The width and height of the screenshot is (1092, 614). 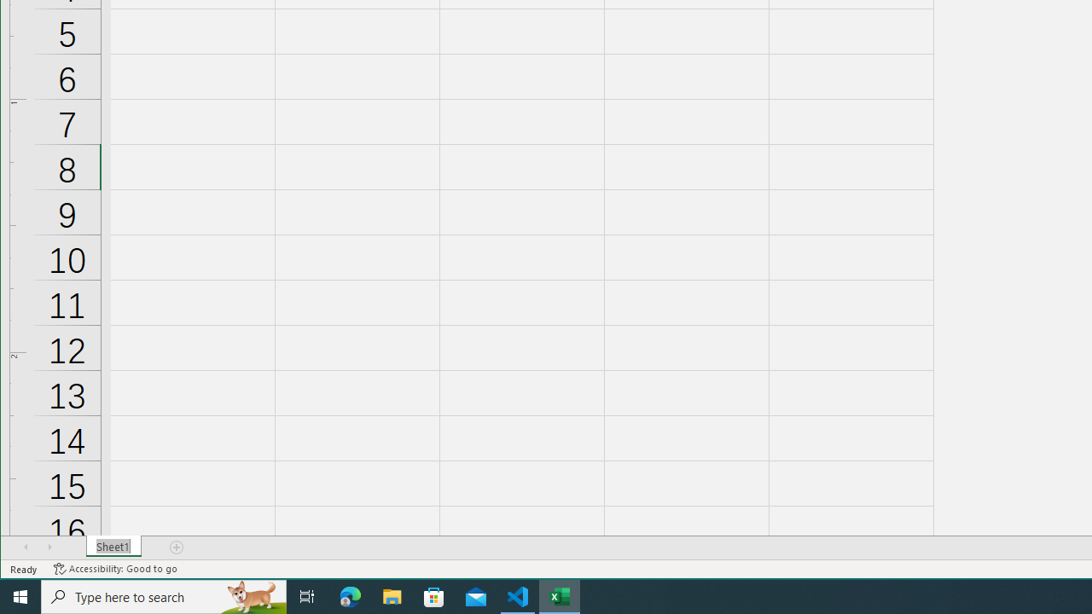 I want to click on 'Accessibility Checker Accessibility: Good to go', so click(x=114, y=569).